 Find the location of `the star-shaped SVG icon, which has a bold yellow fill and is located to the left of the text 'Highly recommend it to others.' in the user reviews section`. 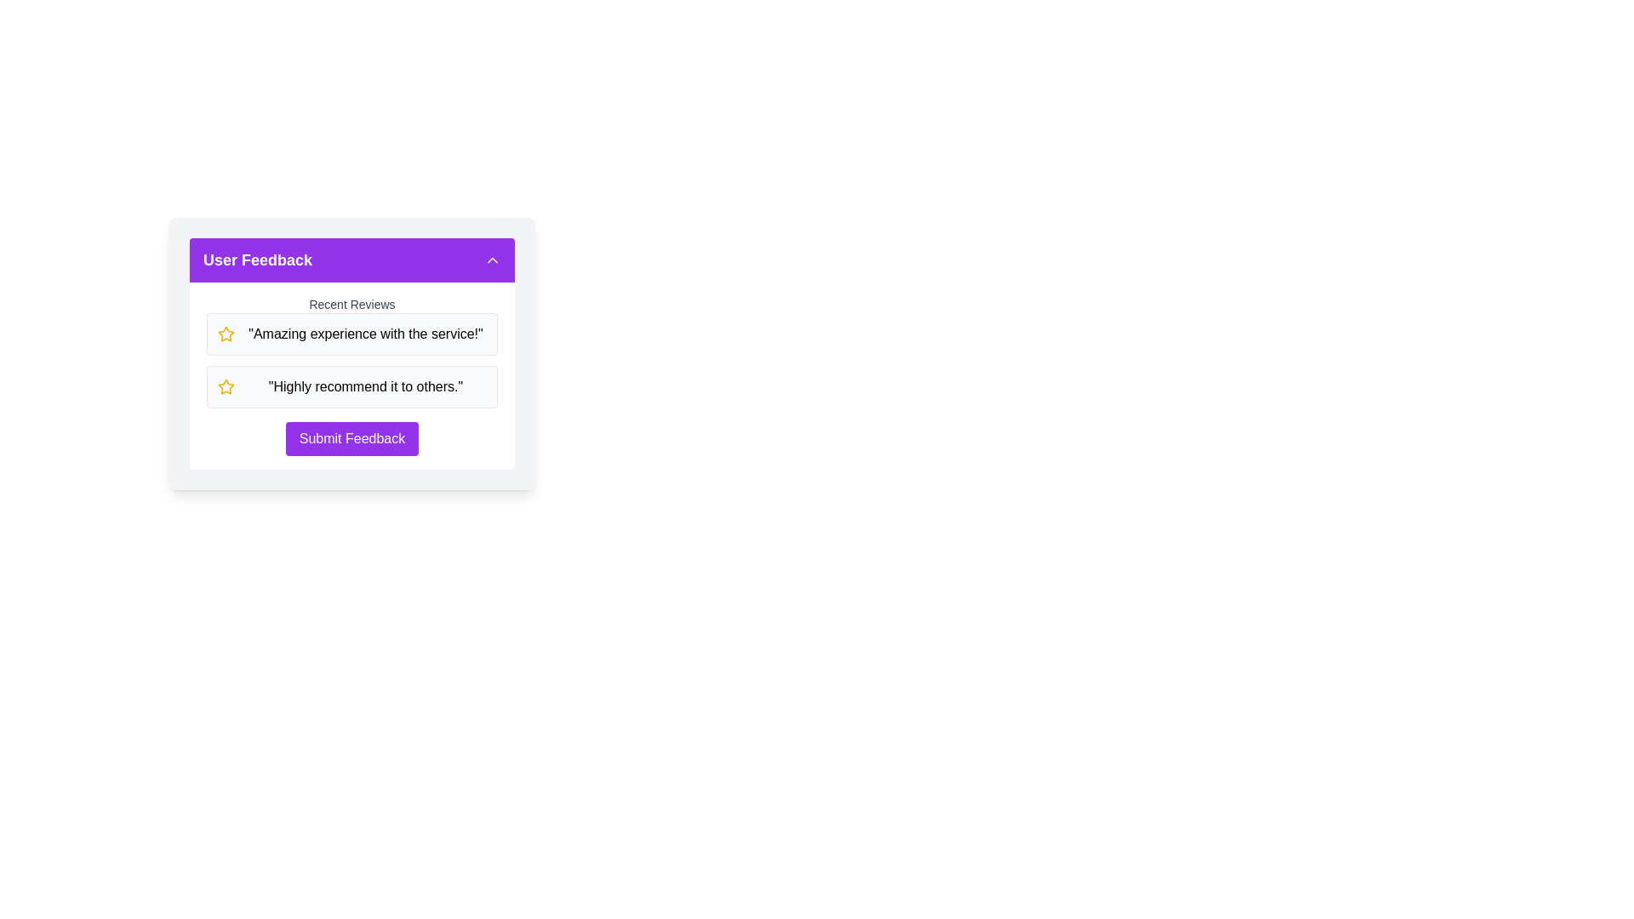

the star-shaped SVG icon, which has a bold yellow fill and is located to the left of the text 'Highly recommend it to others.' in the user reviews section is located at coordinates (225, 334).